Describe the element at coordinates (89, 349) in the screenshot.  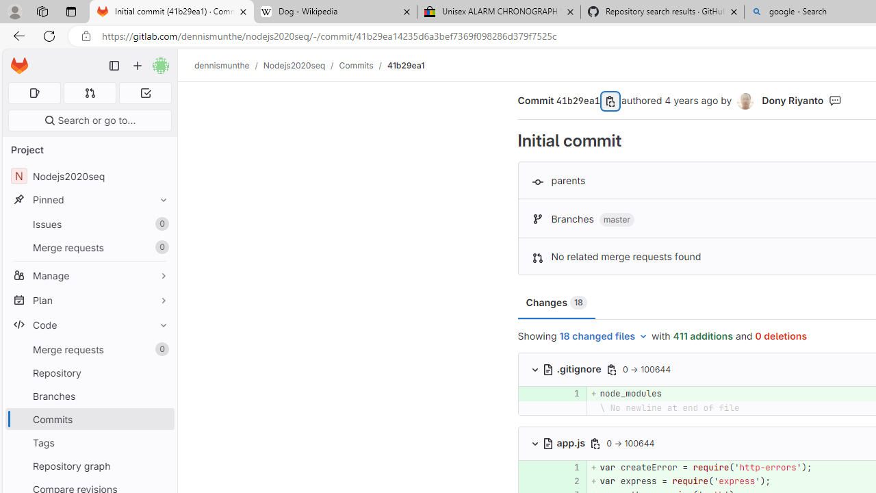
I see `'Merge requests0'` at that location.